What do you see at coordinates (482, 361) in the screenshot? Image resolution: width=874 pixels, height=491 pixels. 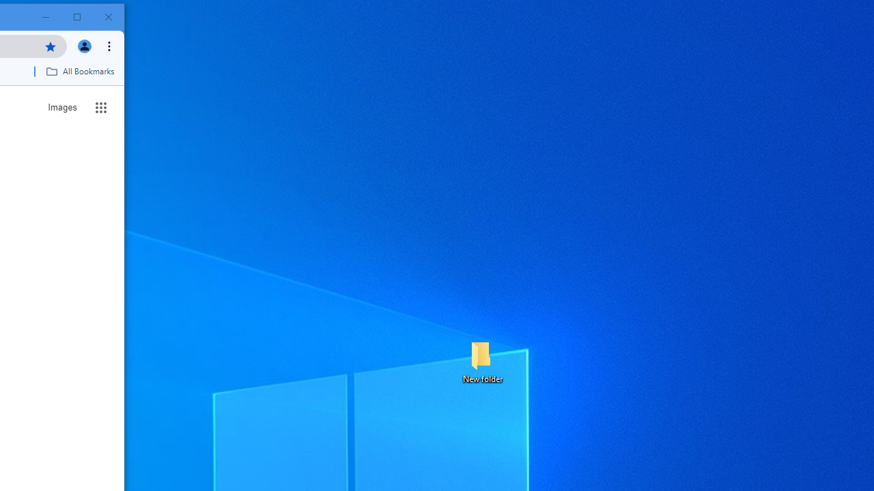 I see `'New folder'` at bounding box center [482, 361].